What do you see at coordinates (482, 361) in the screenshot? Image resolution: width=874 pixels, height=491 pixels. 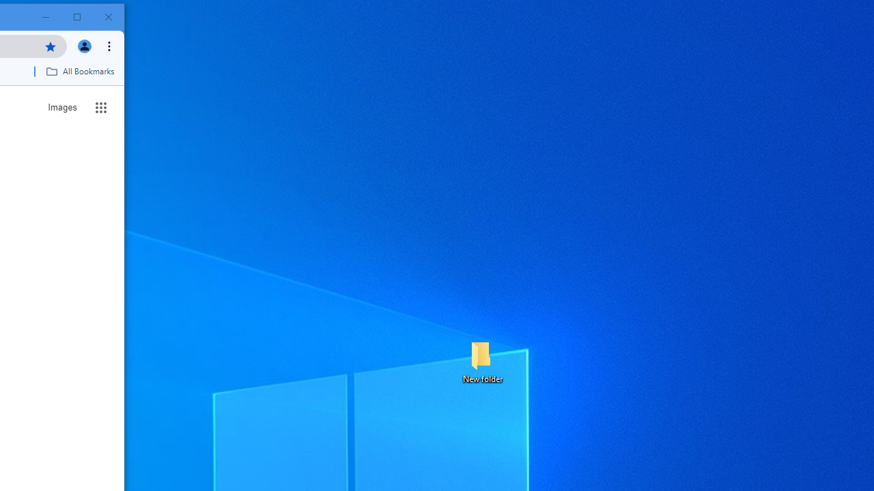 I see `'New folder'` at bounding box center [482, 361].